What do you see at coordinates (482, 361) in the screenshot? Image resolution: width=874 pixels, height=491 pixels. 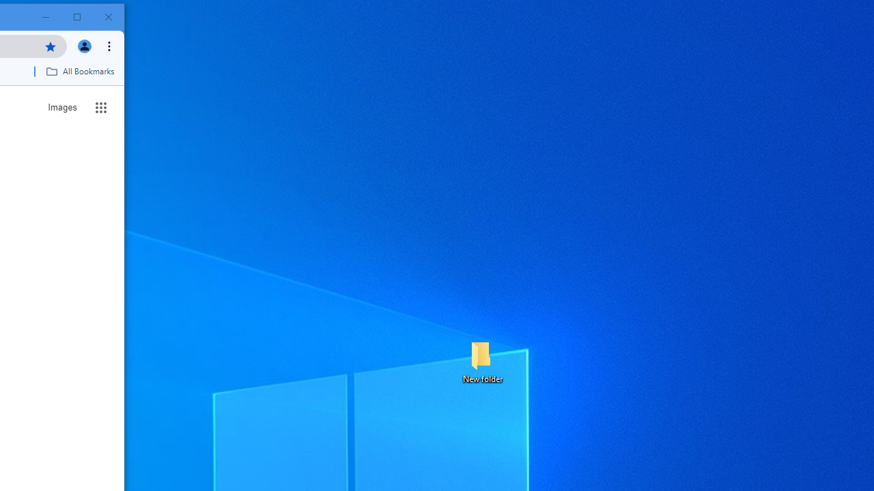 I see `'New folder'` at bounding box center [482, 361].